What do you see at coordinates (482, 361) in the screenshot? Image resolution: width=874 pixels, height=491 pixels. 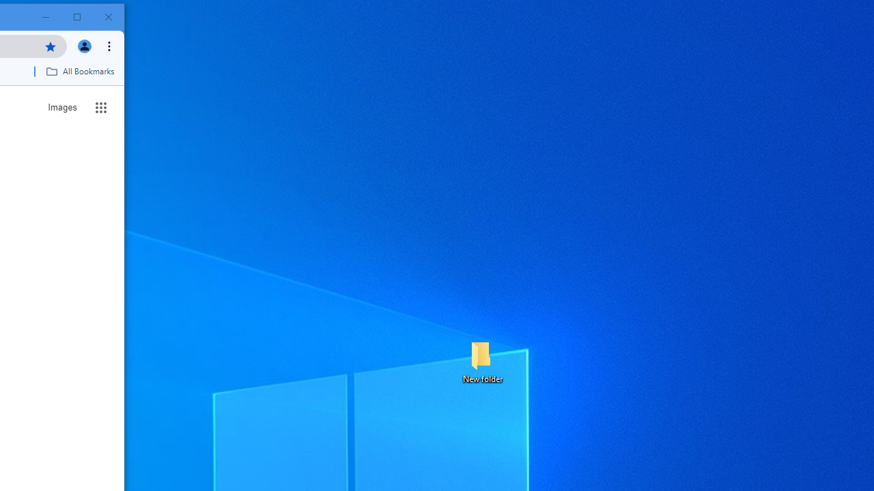 I see `'New folder'` at bounding box center [482, 361].